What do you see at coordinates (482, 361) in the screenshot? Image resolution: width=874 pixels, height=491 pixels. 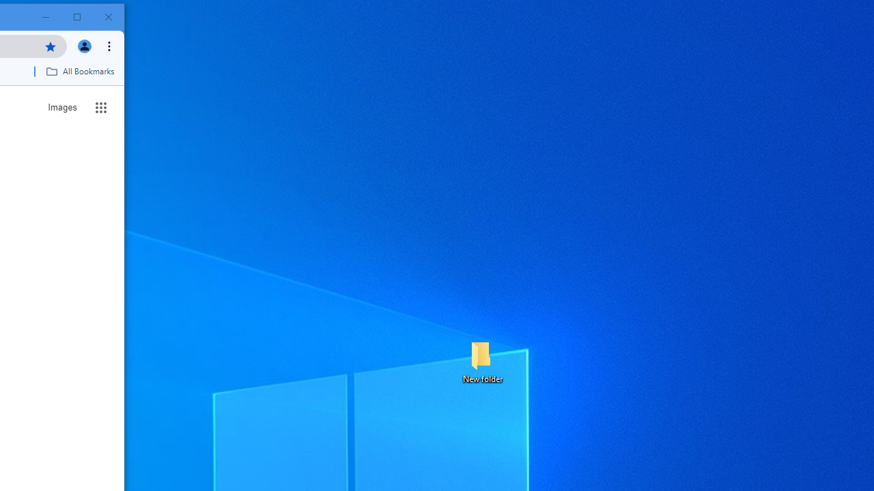 I see `'New folder'` at bounding box center [482, 361].